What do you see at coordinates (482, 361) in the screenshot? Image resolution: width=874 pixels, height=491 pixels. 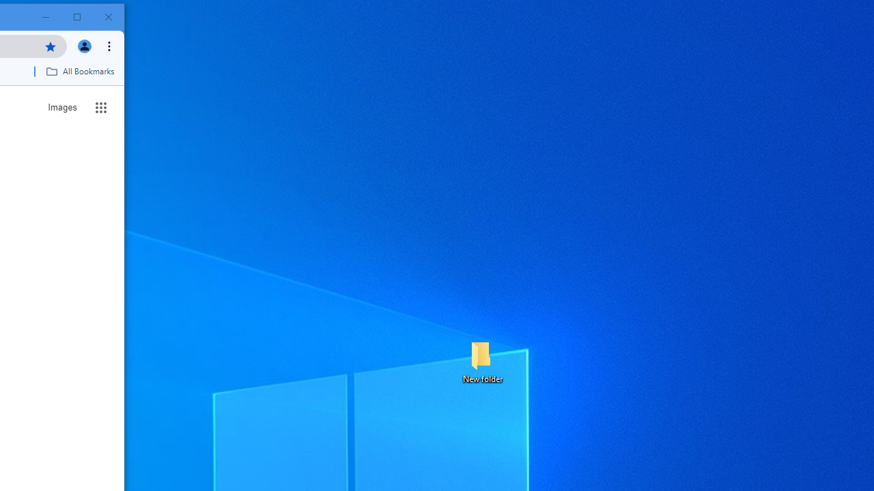 I see `'New folder'` at bounding box center [482, 361].